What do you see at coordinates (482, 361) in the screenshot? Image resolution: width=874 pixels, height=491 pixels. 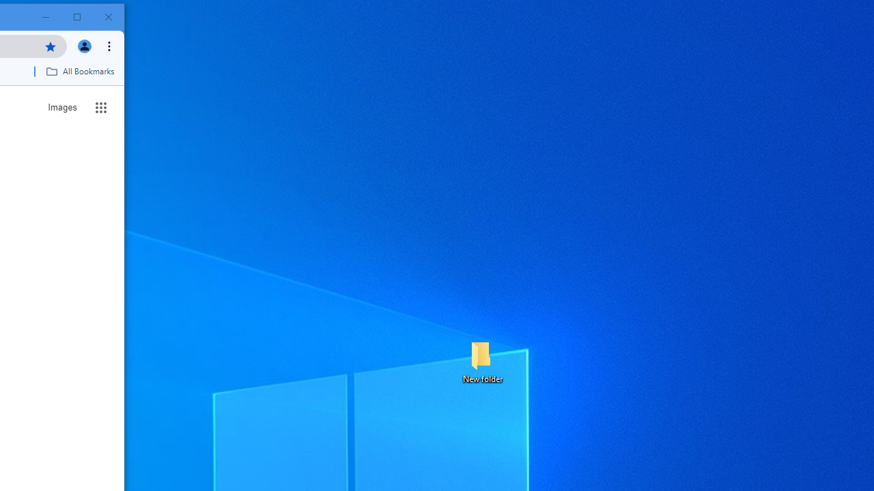 I see `'New folder'` at bounding box center [482, 361].